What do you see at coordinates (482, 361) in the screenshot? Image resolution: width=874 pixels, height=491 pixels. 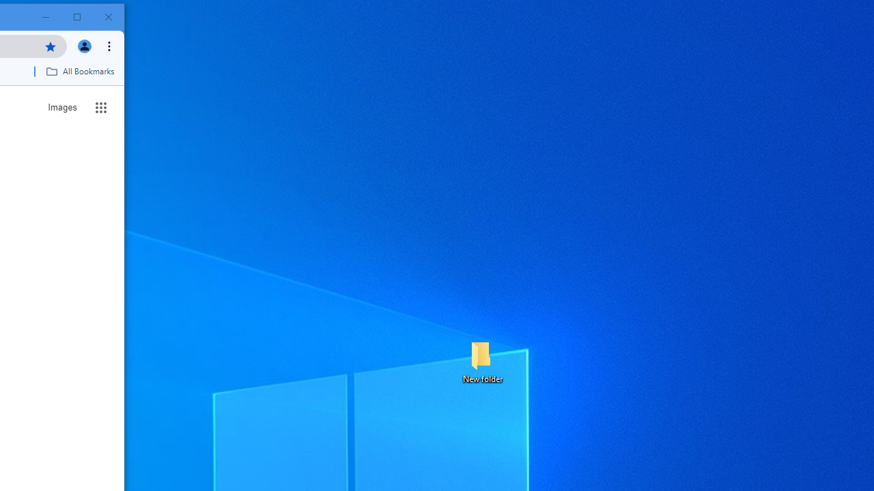 I see `'New folder'` at bounding box center [482, 361].